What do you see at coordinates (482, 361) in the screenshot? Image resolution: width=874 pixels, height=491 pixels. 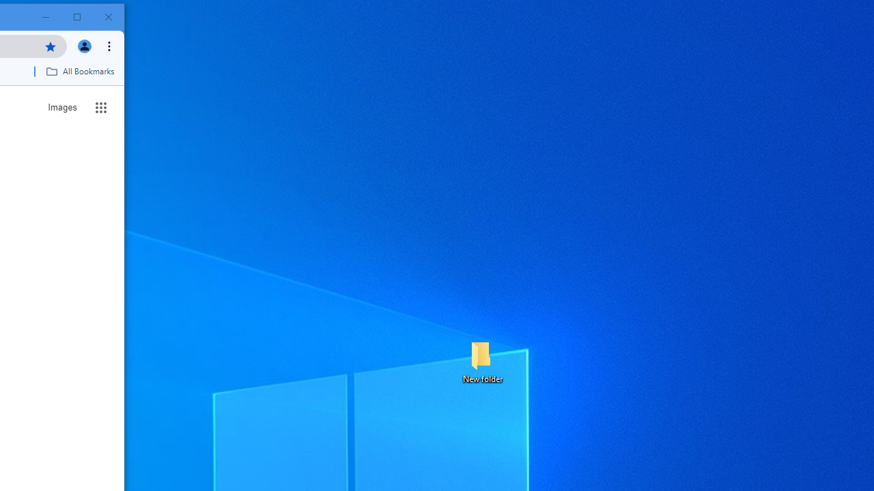 I see `'New folder'` at bounding box center [482, 361].